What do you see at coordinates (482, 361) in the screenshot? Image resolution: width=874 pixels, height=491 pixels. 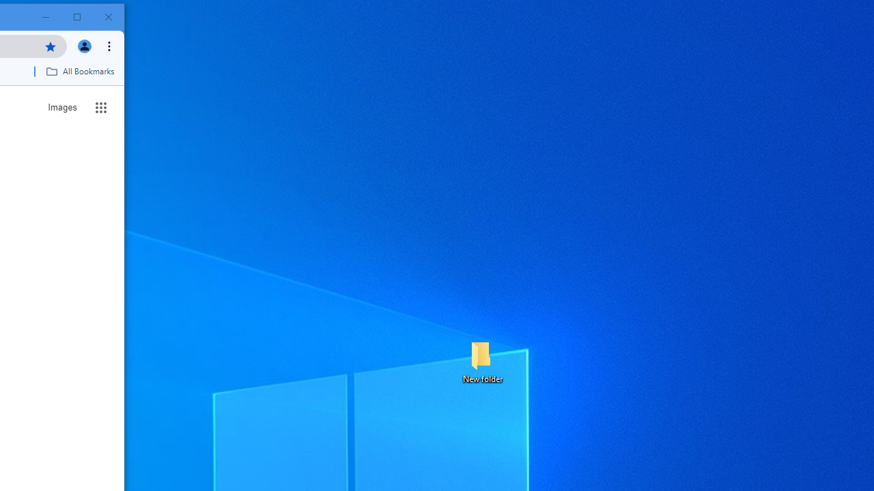 I see `'New folder'` at bounding box center [482, 361].